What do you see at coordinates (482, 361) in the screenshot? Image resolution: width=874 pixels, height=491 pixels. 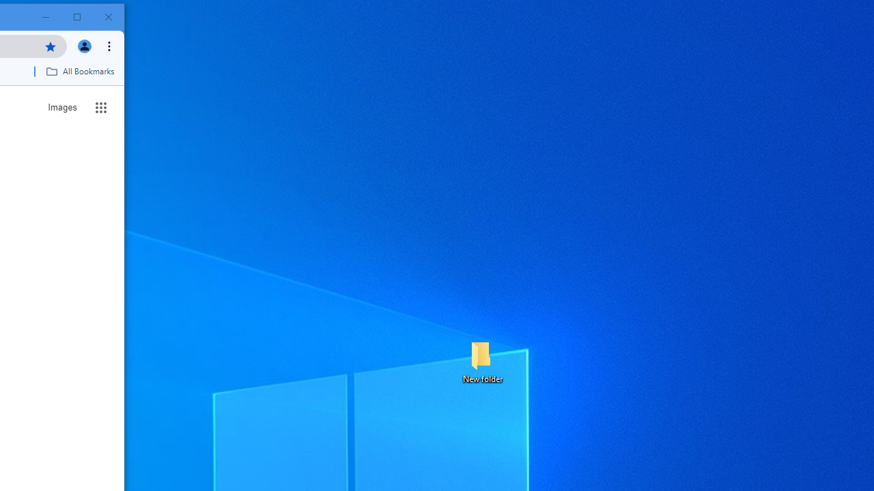 I see `'New folder'` at bounding box center [482, 361].